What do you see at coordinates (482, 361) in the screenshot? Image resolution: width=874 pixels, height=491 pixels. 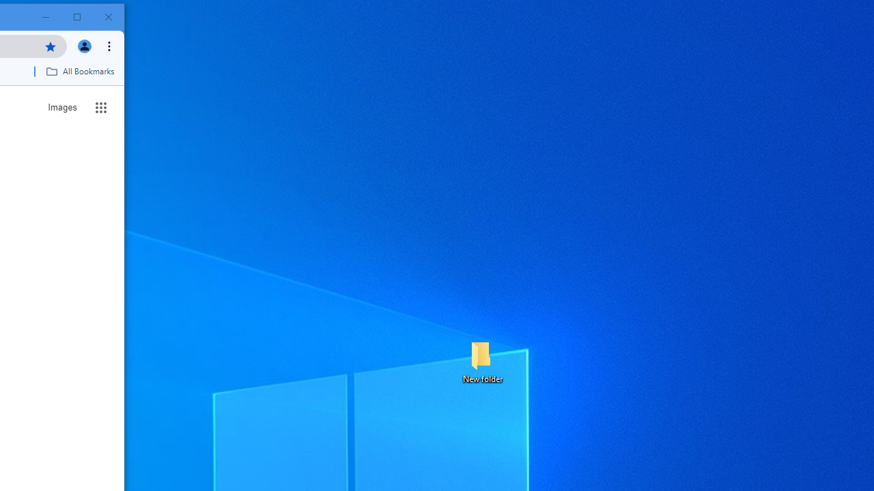 I see `'New folder'` at bounding box center [482, 361].